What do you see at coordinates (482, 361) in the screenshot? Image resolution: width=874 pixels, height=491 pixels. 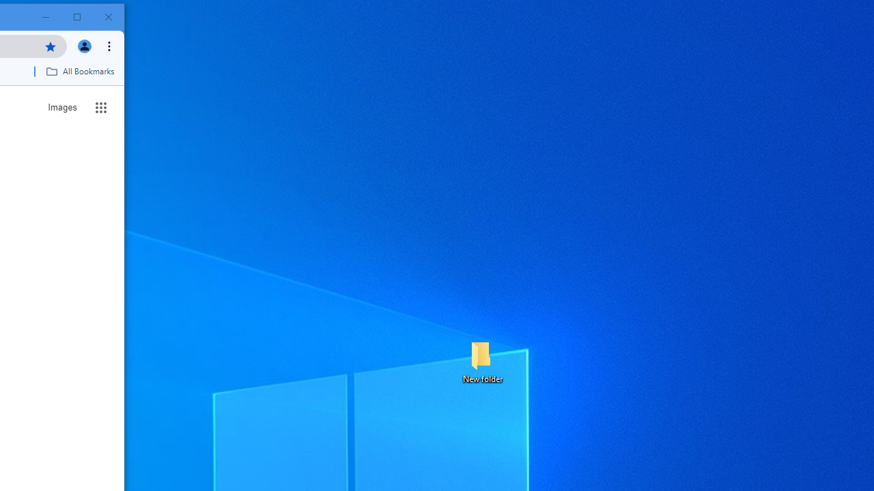 I see `'New folder'` at bounding box center [482, 361].